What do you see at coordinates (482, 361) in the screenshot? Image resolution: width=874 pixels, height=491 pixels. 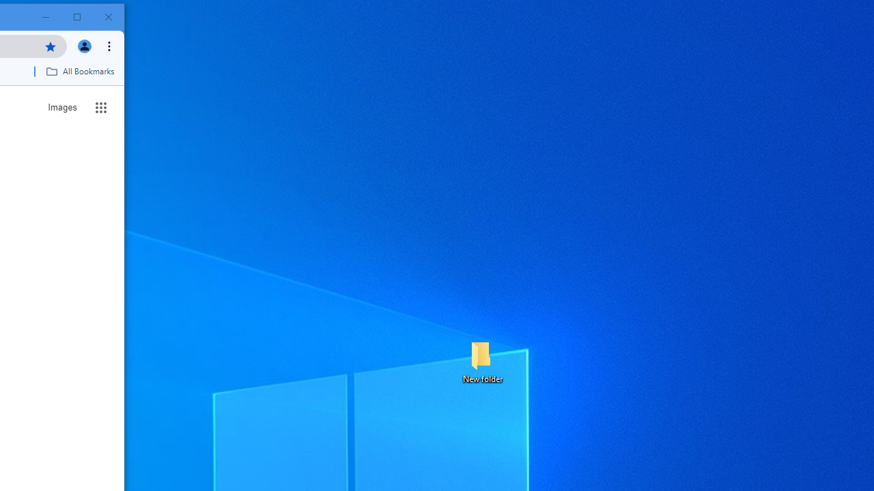 I see `'New folder'` at bounding box center [482, 361].